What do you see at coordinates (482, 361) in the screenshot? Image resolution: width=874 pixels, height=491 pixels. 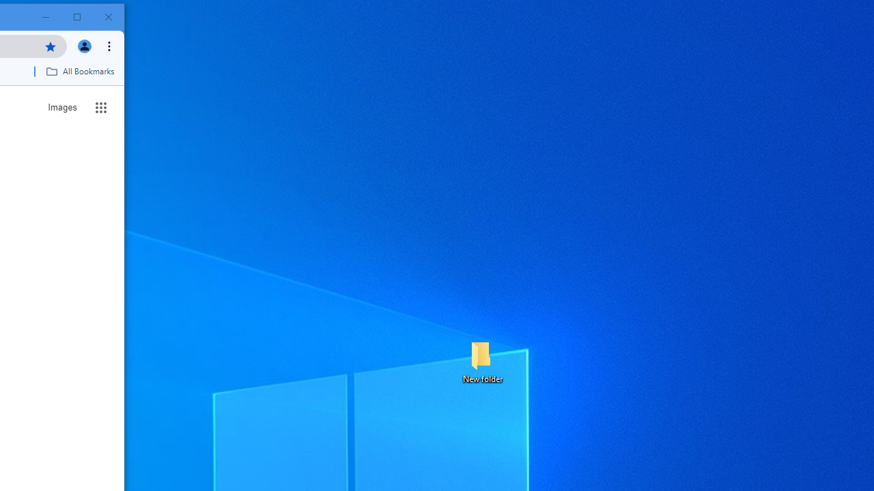 I see `'New folder'` at bounding box center [482, 361].